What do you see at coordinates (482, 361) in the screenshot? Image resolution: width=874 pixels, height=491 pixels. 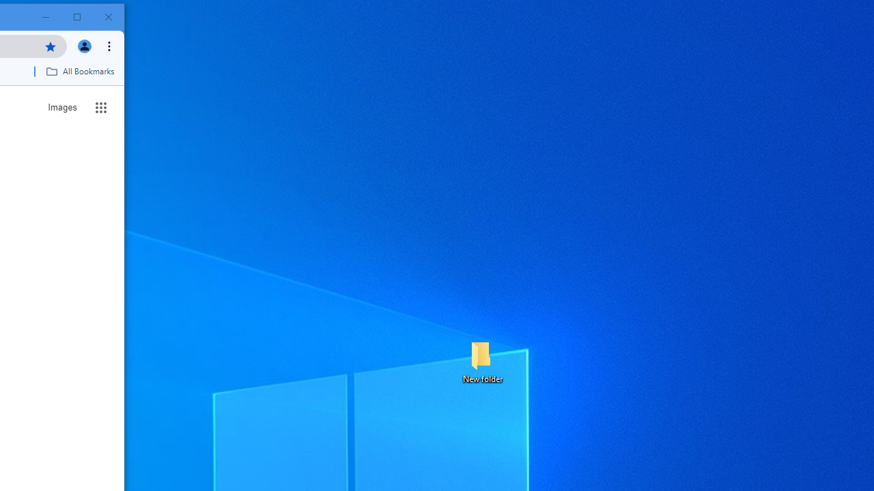 I see `'New folder'` at bounding box center [482, 361].